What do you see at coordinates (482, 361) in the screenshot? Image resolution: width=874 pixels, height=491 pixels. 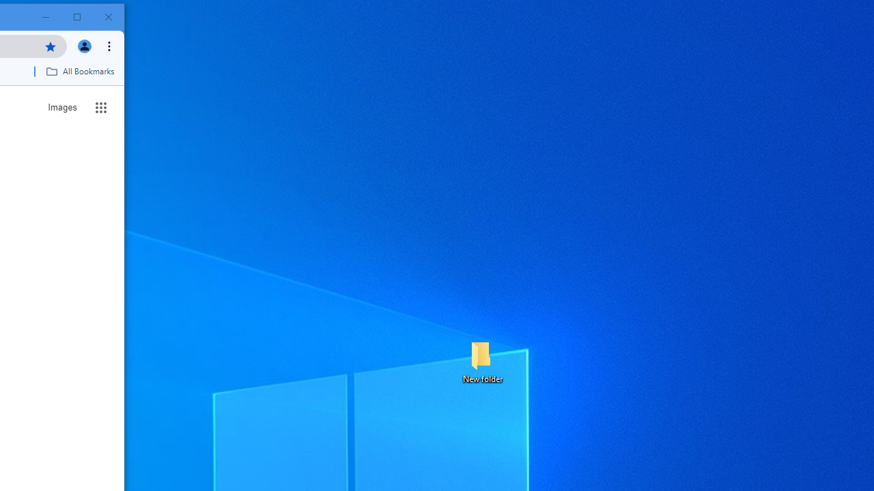 I see `'New folder'` at bounding box center [482, 361].